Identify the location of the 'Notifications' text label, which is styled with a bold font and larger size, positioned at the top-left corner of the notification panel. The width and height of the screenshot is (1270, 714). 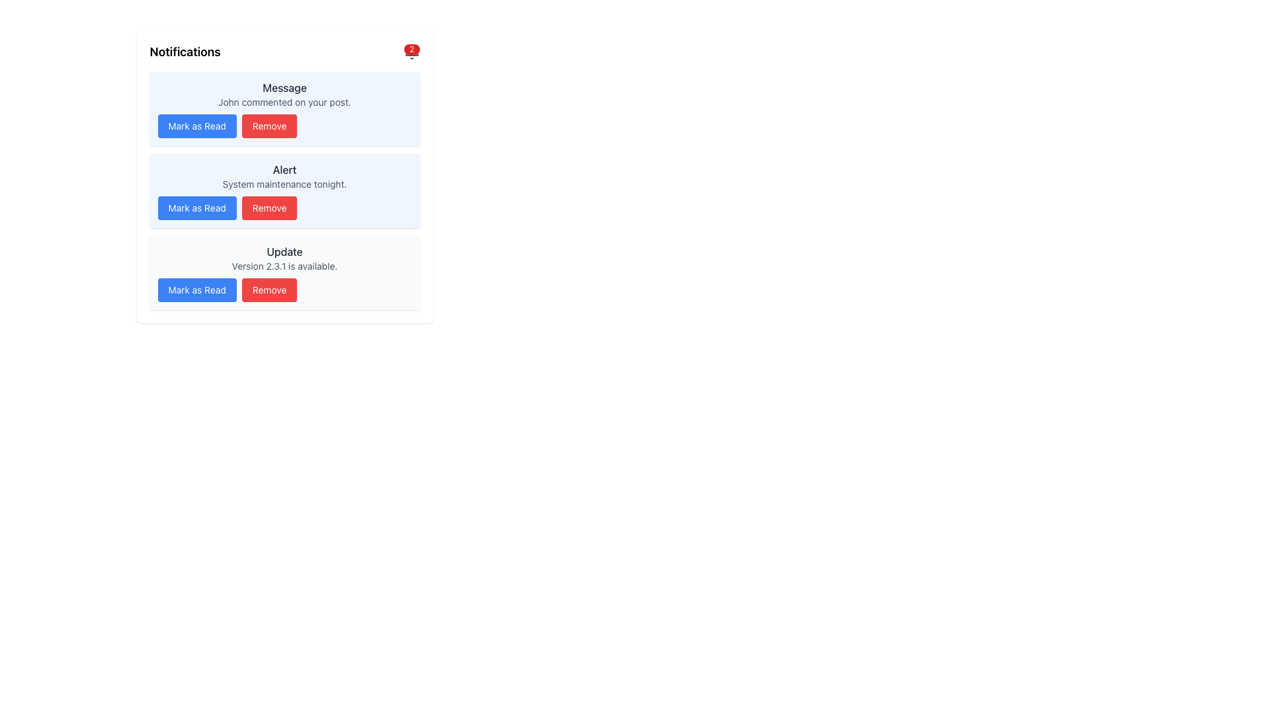
(185, 51).